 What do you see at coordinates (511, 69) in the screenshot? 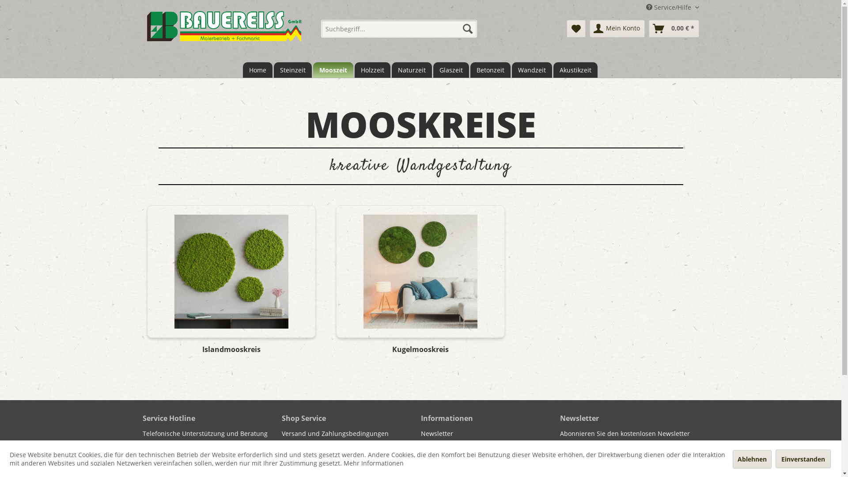
I see `'Wandzeit'` at bounding box center [511, 69].